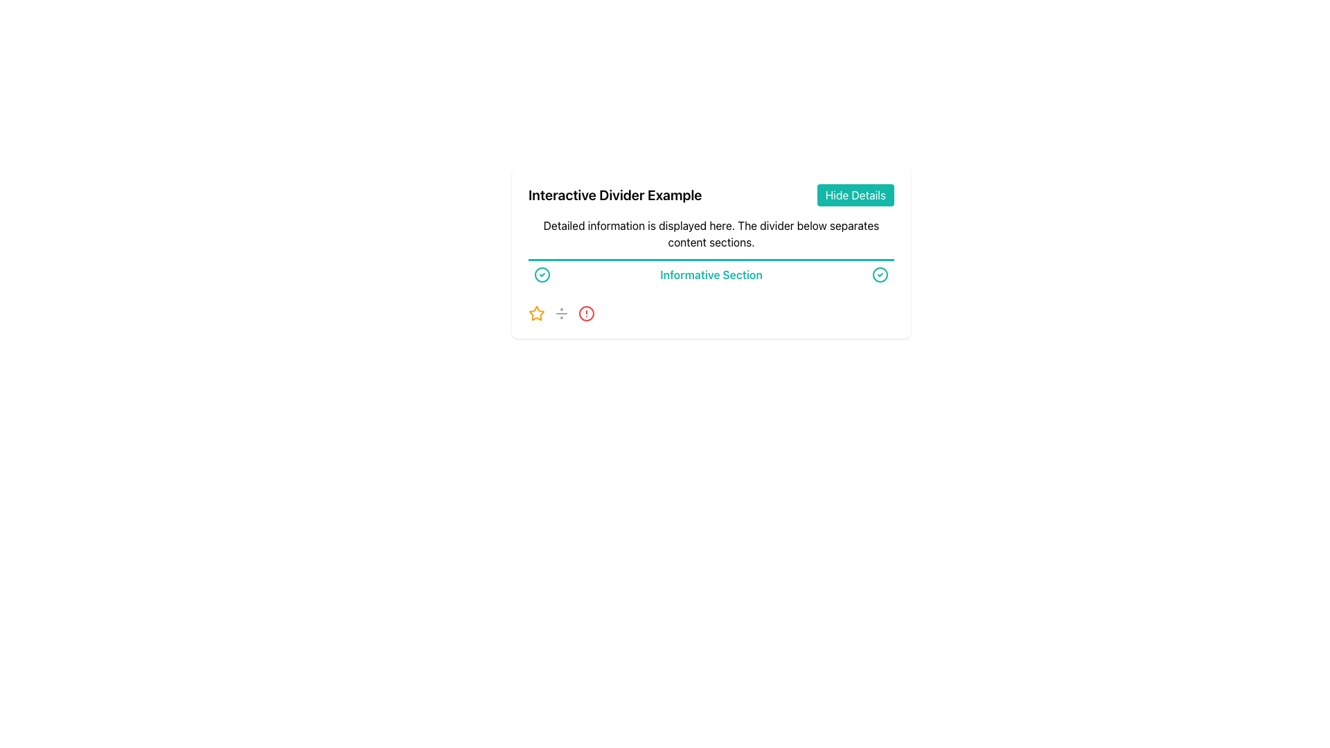  Describe the element at coordinates (711, 273) in the screenshot. I see `the Decorative label bar that features a teal-colored border and the text 'Informative Section' in bold, centered on the bar, with circular teal icons containing checkmarks on either side` at that location.